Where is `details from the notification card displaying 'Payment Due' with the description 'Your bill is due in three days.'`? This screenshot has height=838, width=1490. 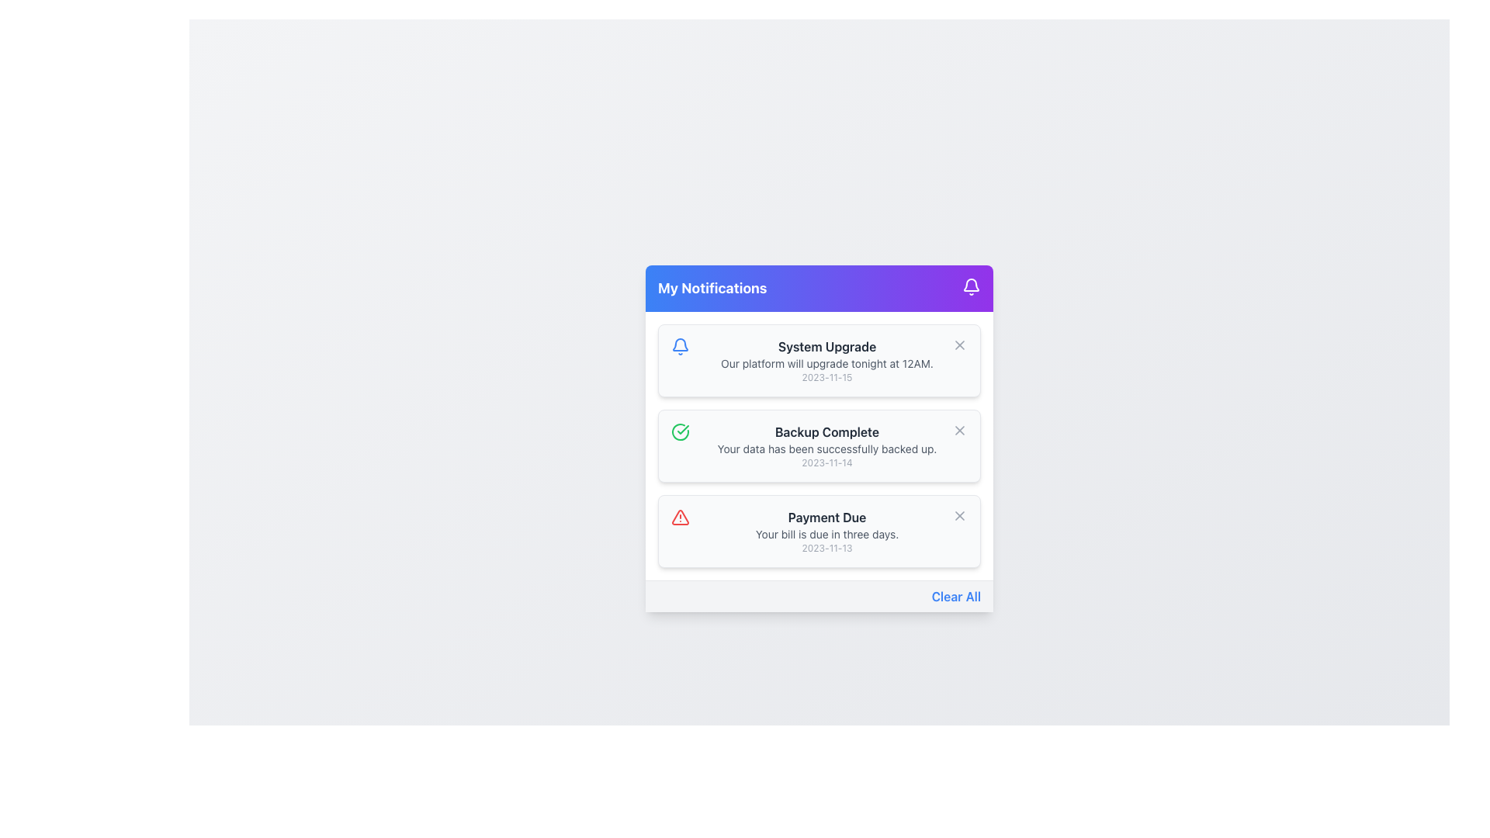 details from the notification card displaying 'Payment Due' with the description 'Your bill is due in three days.' is located at coordinates (819, 529).